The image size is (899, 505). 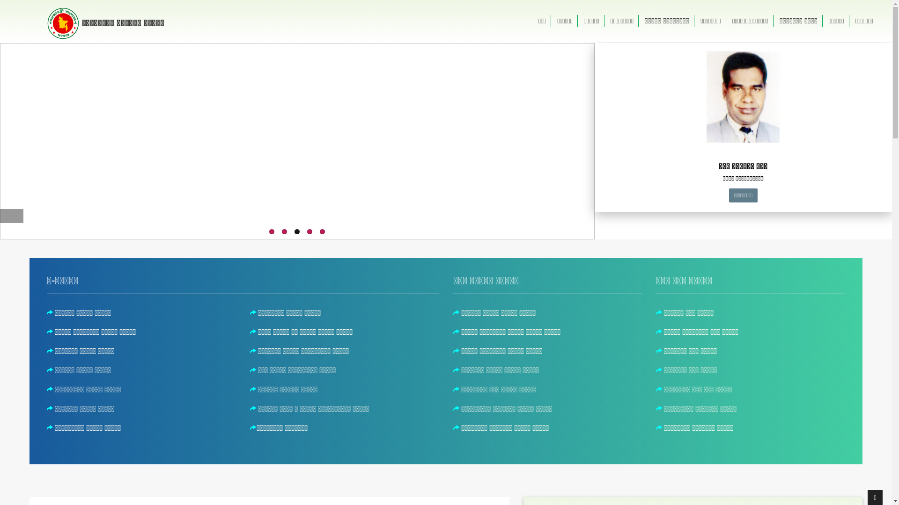 I want to click on '3', so click(x=296, y=231).